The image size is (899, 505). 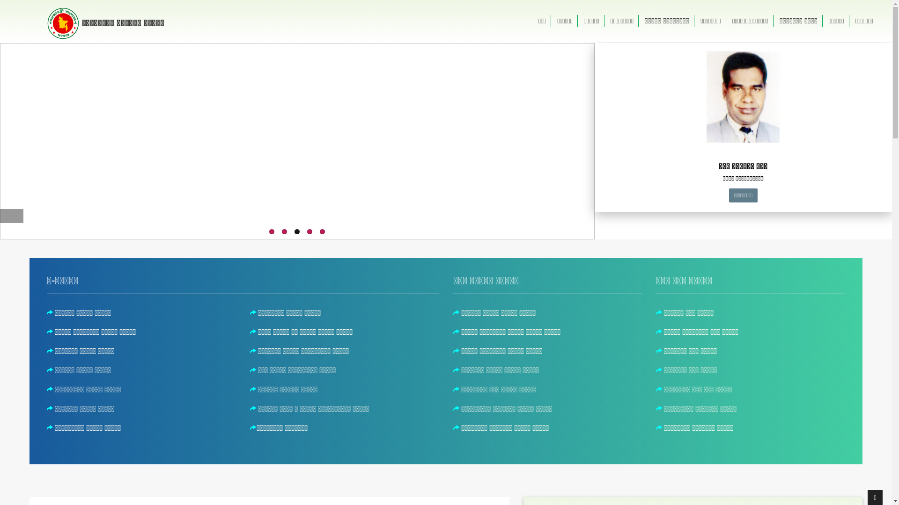 I want to click on '3', so click(x=296, y=231).